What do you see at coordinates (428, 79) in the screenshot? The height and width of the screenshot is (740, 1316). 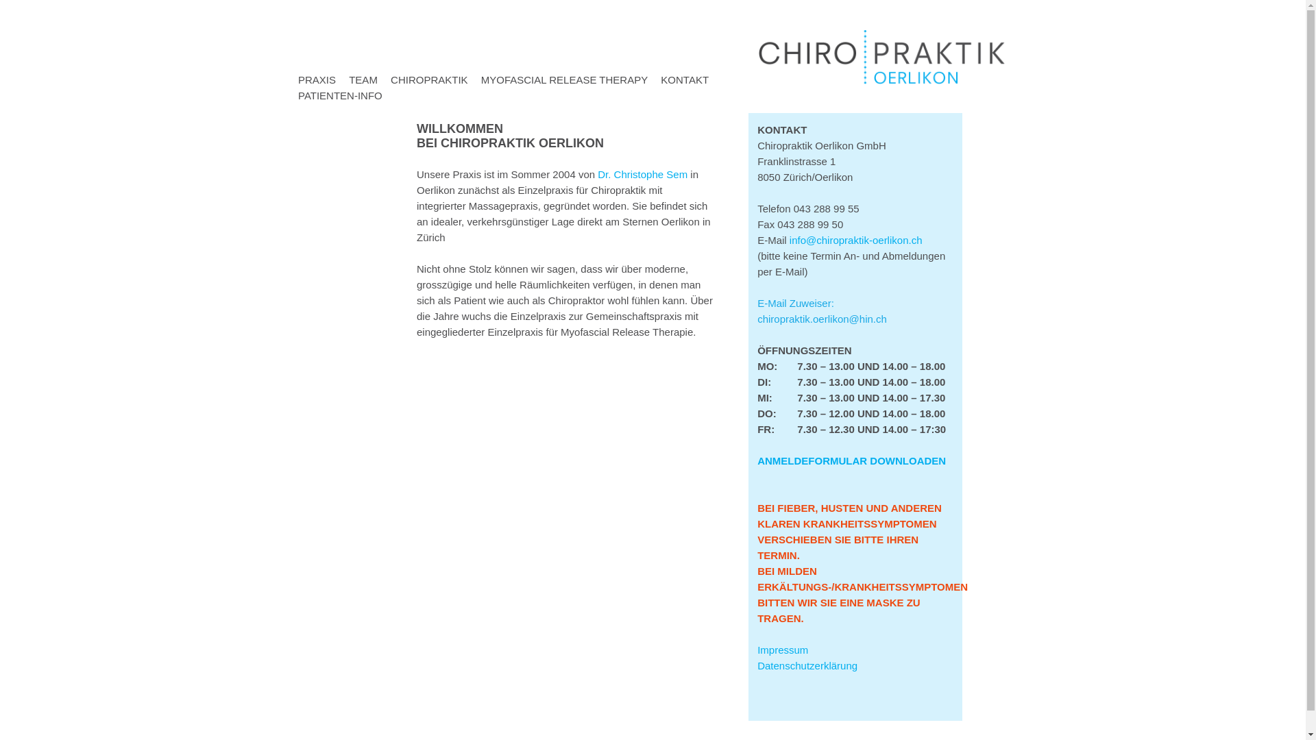 I see `'CHIROPRAKTIK'` at bounding box center [428, 79].